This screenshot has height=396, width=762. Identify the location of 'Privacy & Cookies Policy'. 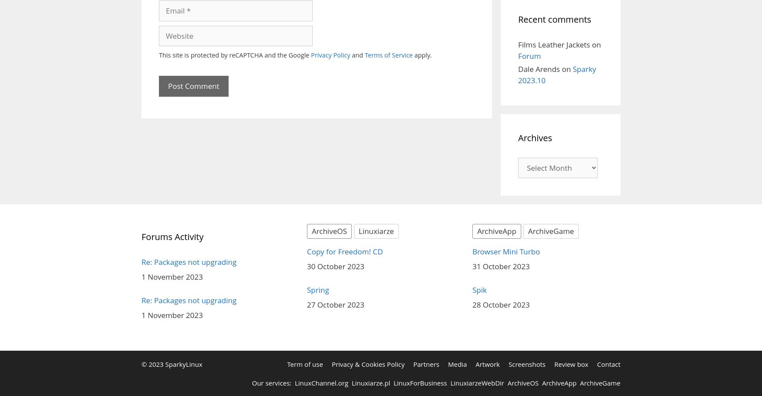
(368, 364).